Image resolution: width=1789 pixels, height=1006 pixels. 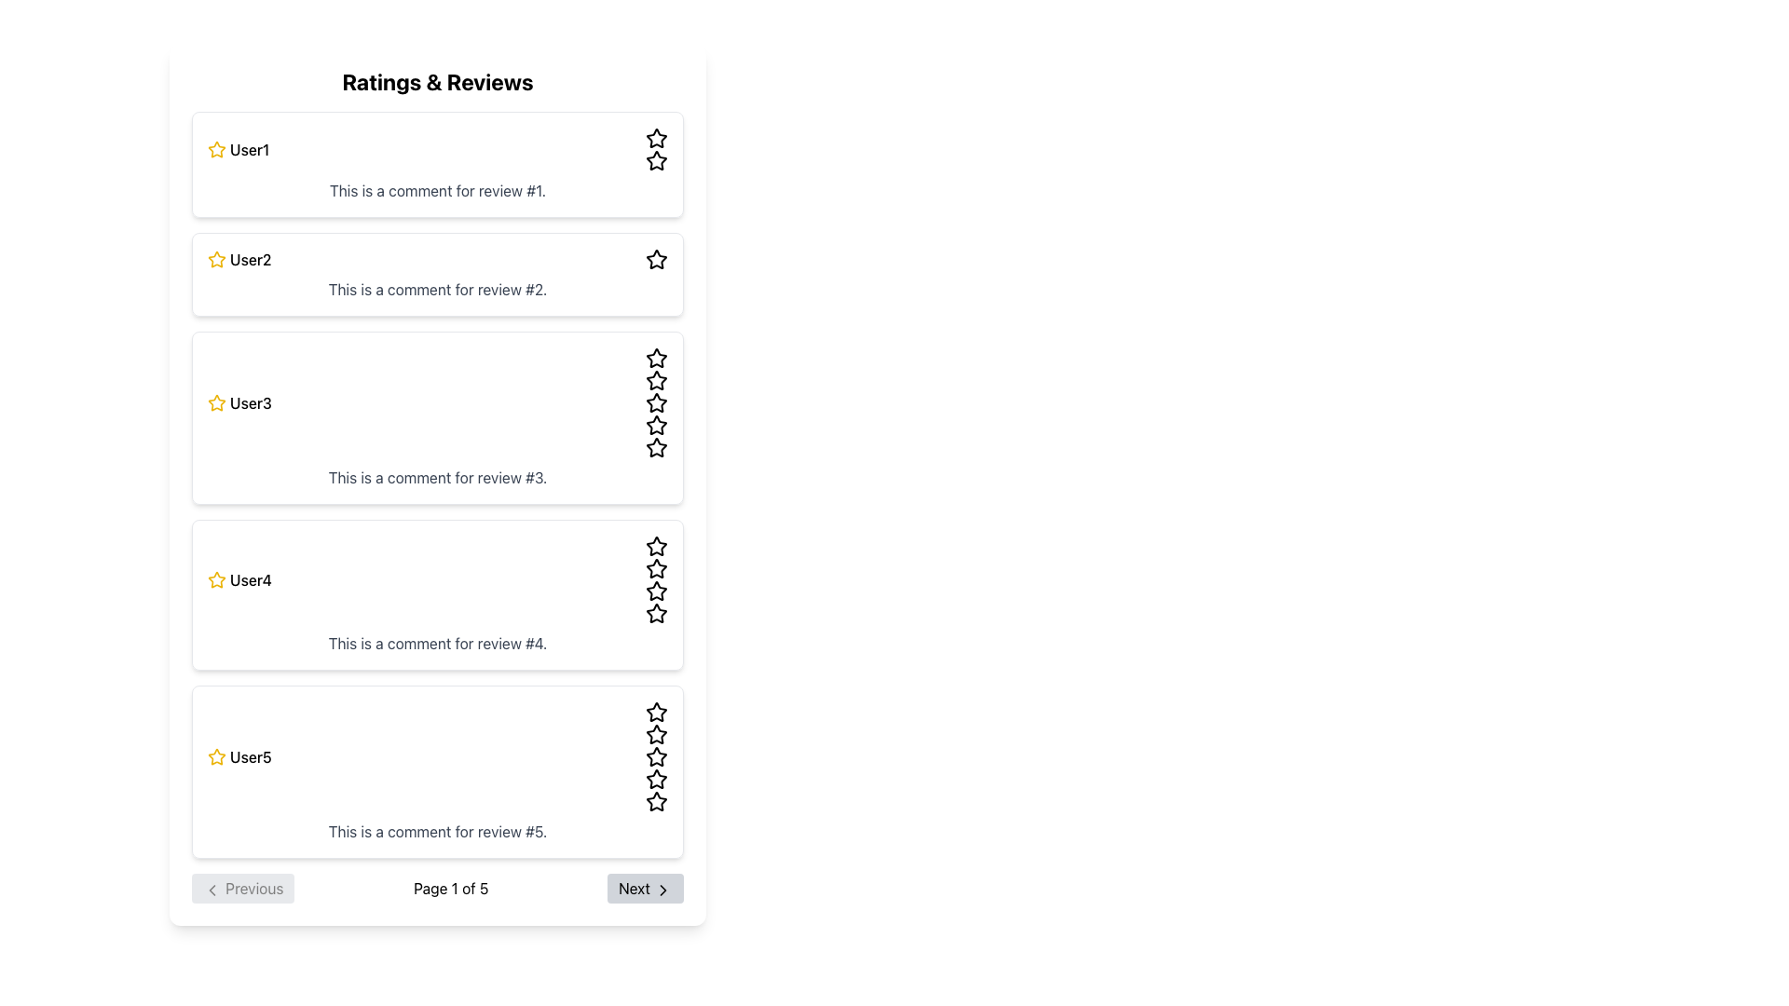 I want to click on the fourth star, so click(x=657, y=567).